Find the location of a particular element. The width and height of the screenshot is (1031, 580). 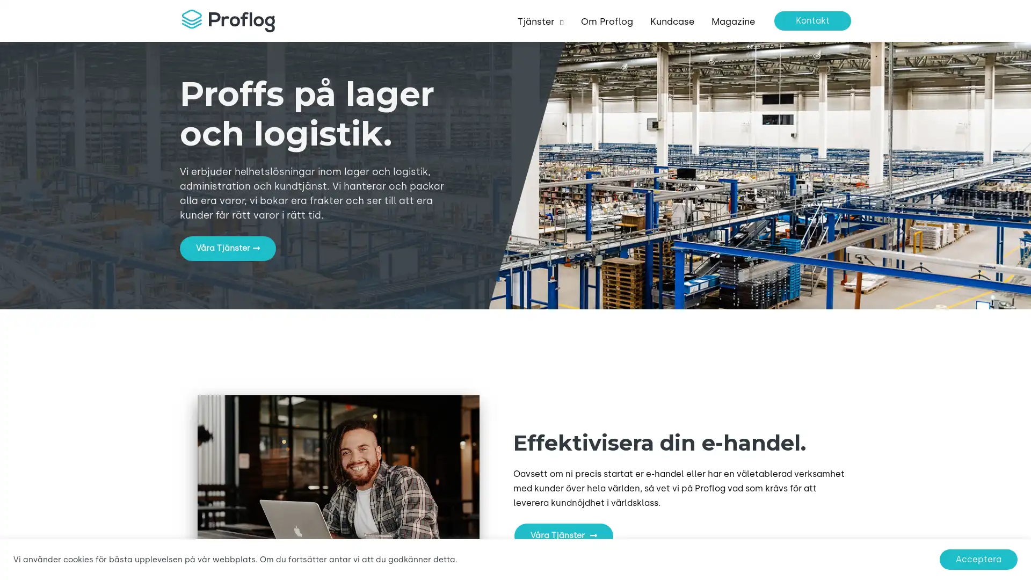

Acceptera is located at coordinates (978, 559).